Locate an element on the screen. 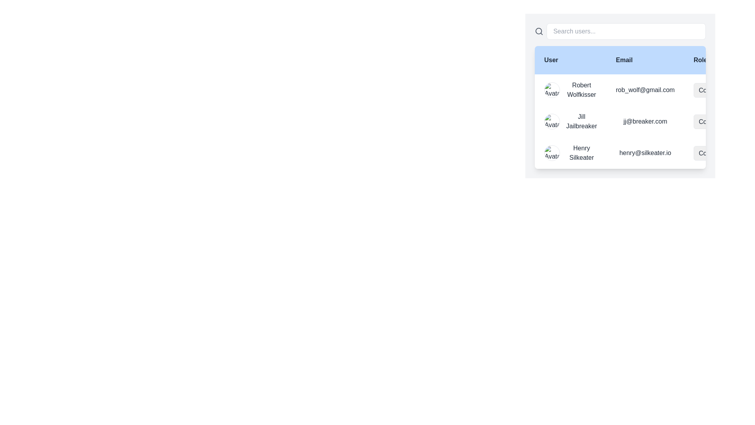 This screenshot has width=755, height=425. the text display label showing 'Jill Jailbreaker' which is the second user listing in the user column of the table is located at coordinates (570, 121).